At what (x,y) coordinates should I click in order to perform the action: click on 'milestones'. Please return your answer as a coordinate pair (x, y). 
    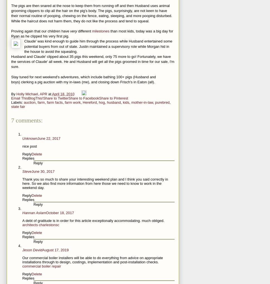
    Looking at the image, I should click on (92, 31).